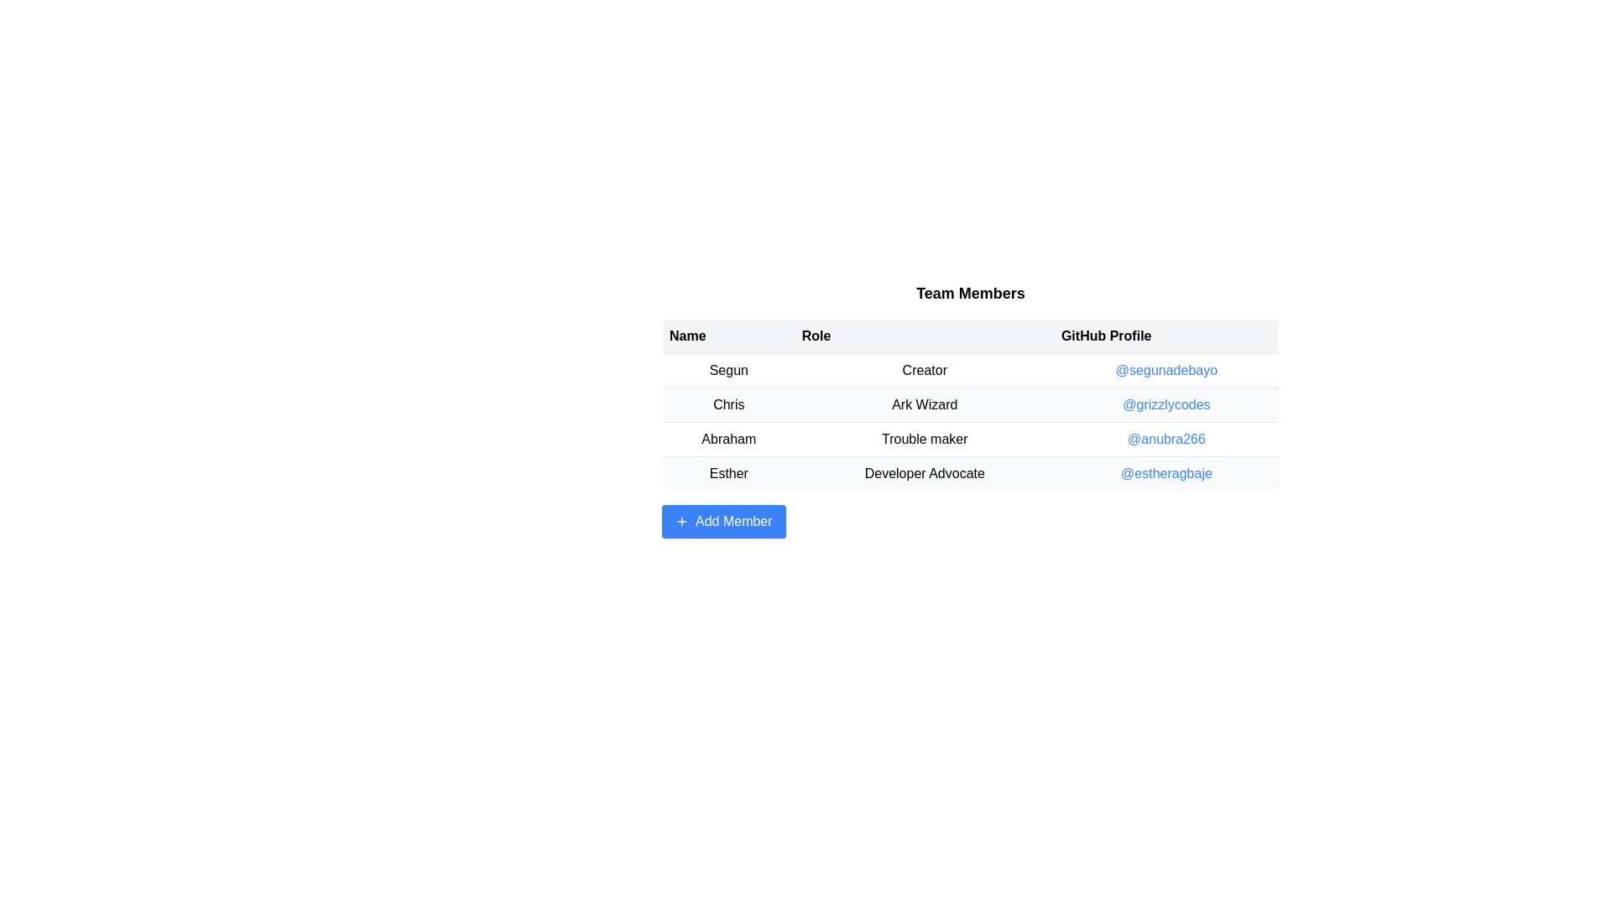 This screenshot has width=1611, height=906. Describe the element at coordinates (728, 370) in the screenshot. I see `the text label displaying 'Segun', which is styled in bold black sans-serif font and positioned in the first row of a tabular layout as the 'Name' entry` at that location.